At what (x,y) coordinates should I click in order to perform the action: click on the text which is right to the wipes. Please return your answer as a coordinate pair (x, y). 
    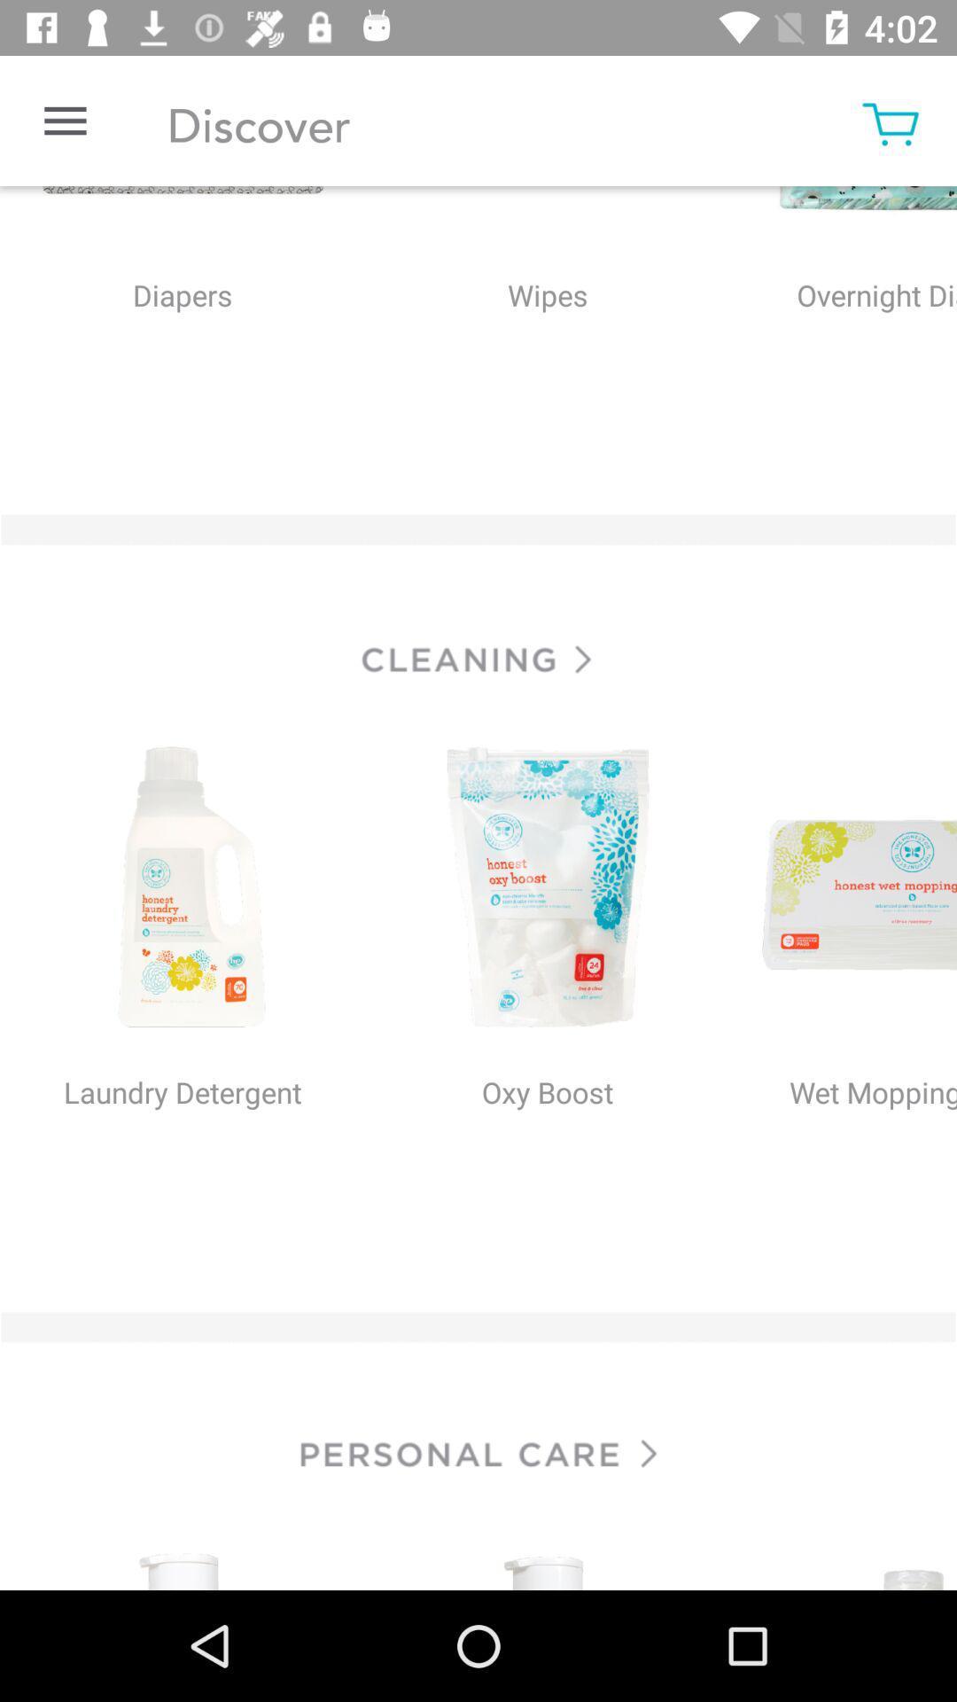
    Looking at the image, I should click on (848, 332).